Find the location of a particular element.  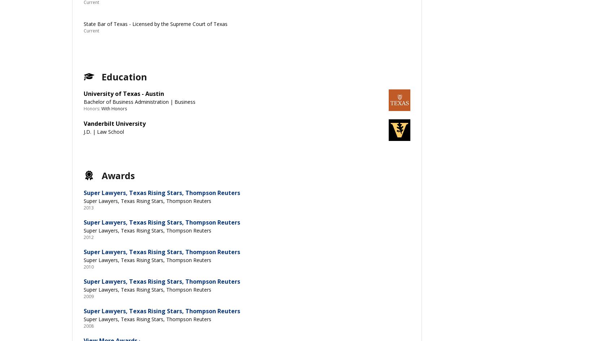

'2012' is located at coordinates (88, 237).